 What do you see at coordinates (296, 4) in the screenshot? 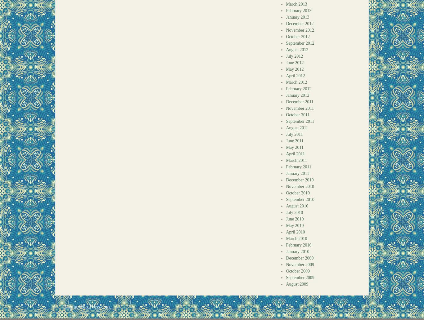
I see `'March 2013'` at bounding box center [296, 4].